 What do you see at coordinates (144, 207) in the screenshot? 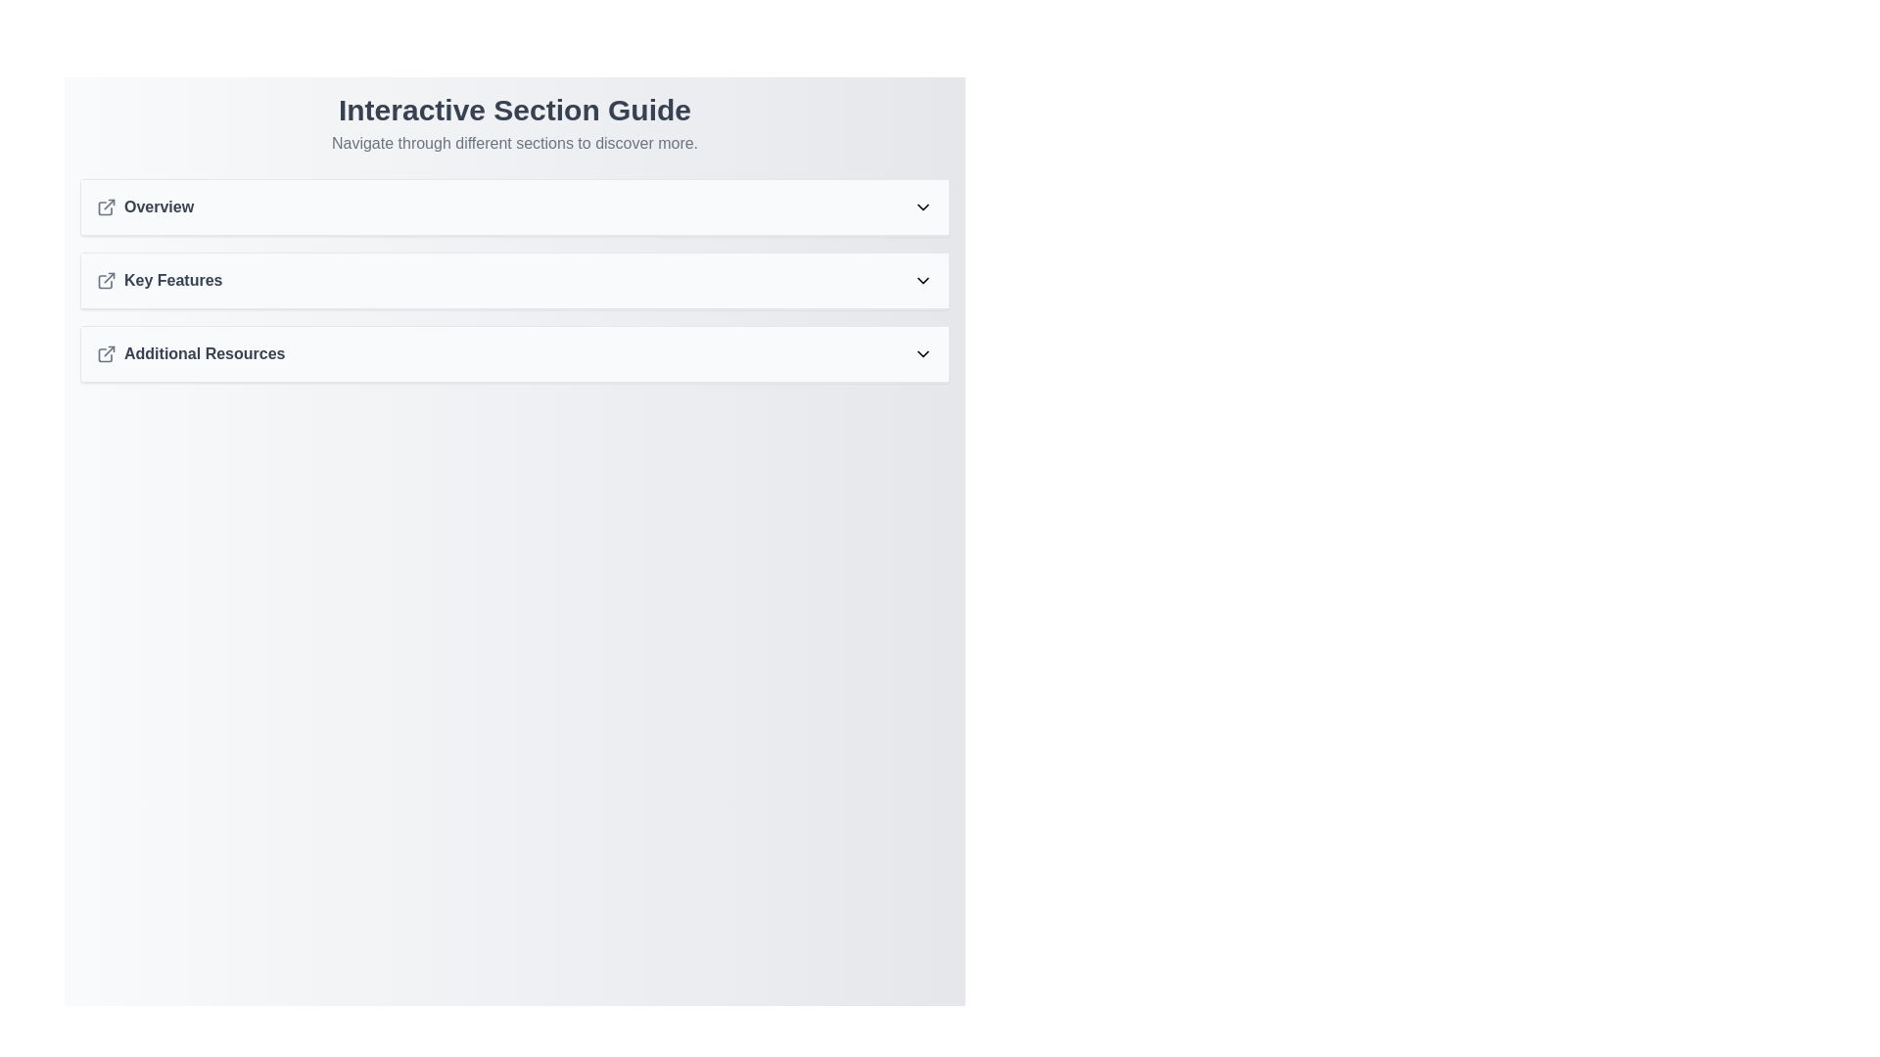
I see `the 'Overview' text item with an outward arrow icon located in the first section under 'Interactive Section Guide'` at bounding box center [144, 207].